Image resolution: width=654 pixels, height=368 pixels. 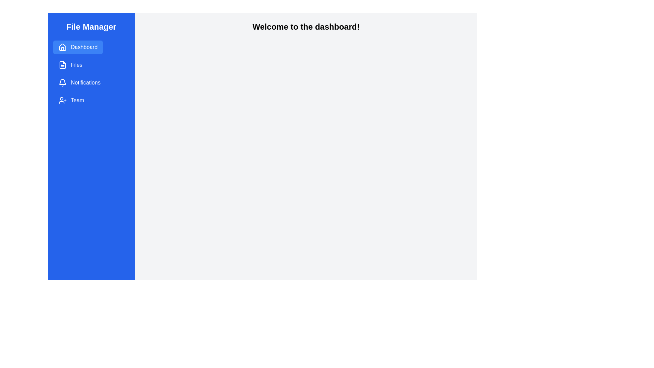 I want to click on the 'Dashboard' icon located in the left sidebar of the blue navigation menu, which is the first icon in the list before the 'Dashboard' text, so click(x=62, y=47).